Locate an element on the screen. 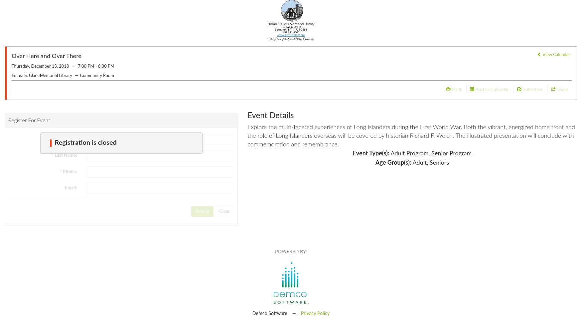 The width and height of the screenshot is (582, 332). 'Share' is located at coordinates (563, 89).